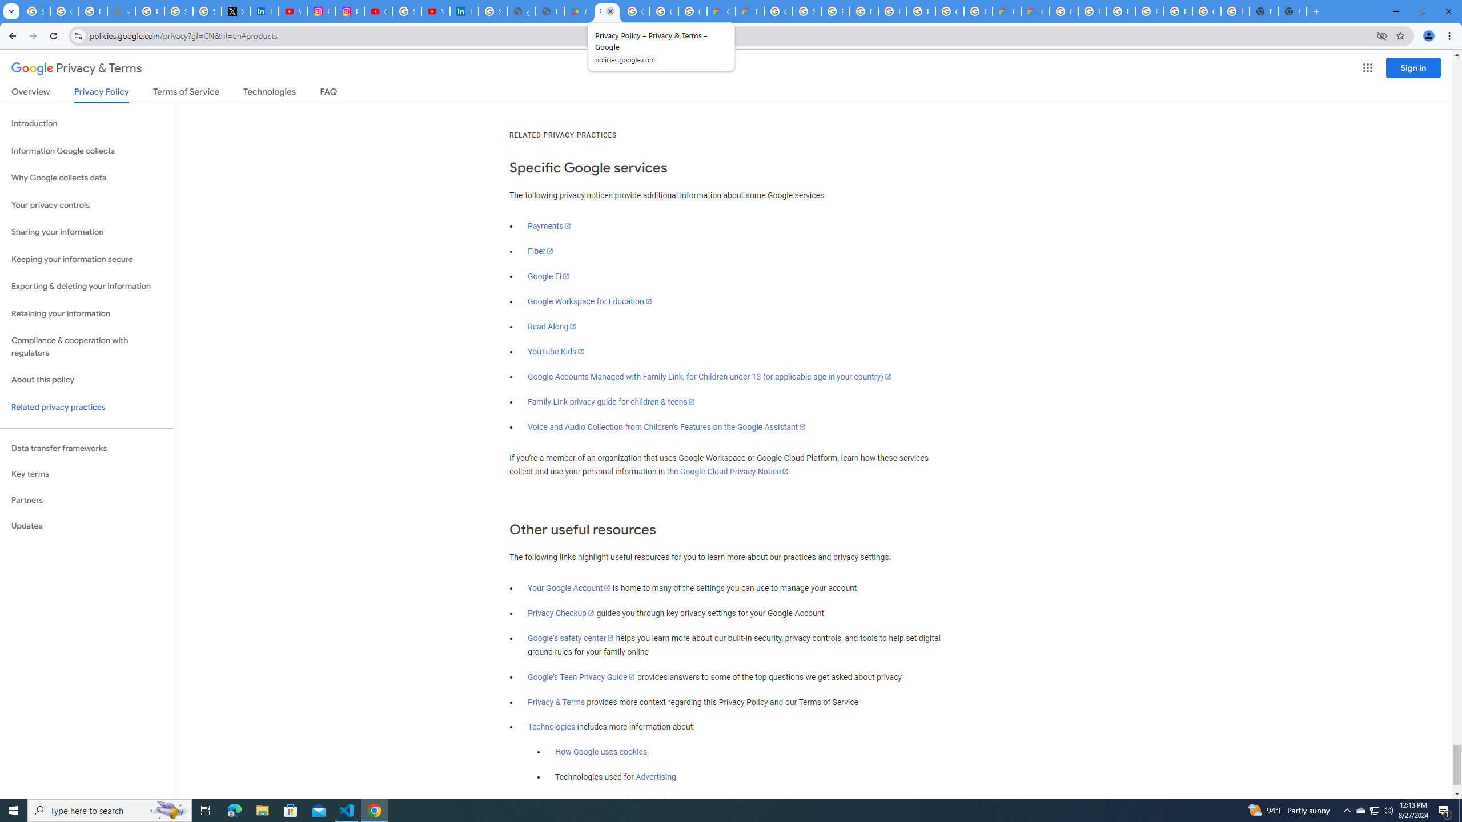 The width and height of the screenshot is (1462, 822). Describe the element at coordinates (86, 380) in the screenshot. I see `'About this policy'` at that location.